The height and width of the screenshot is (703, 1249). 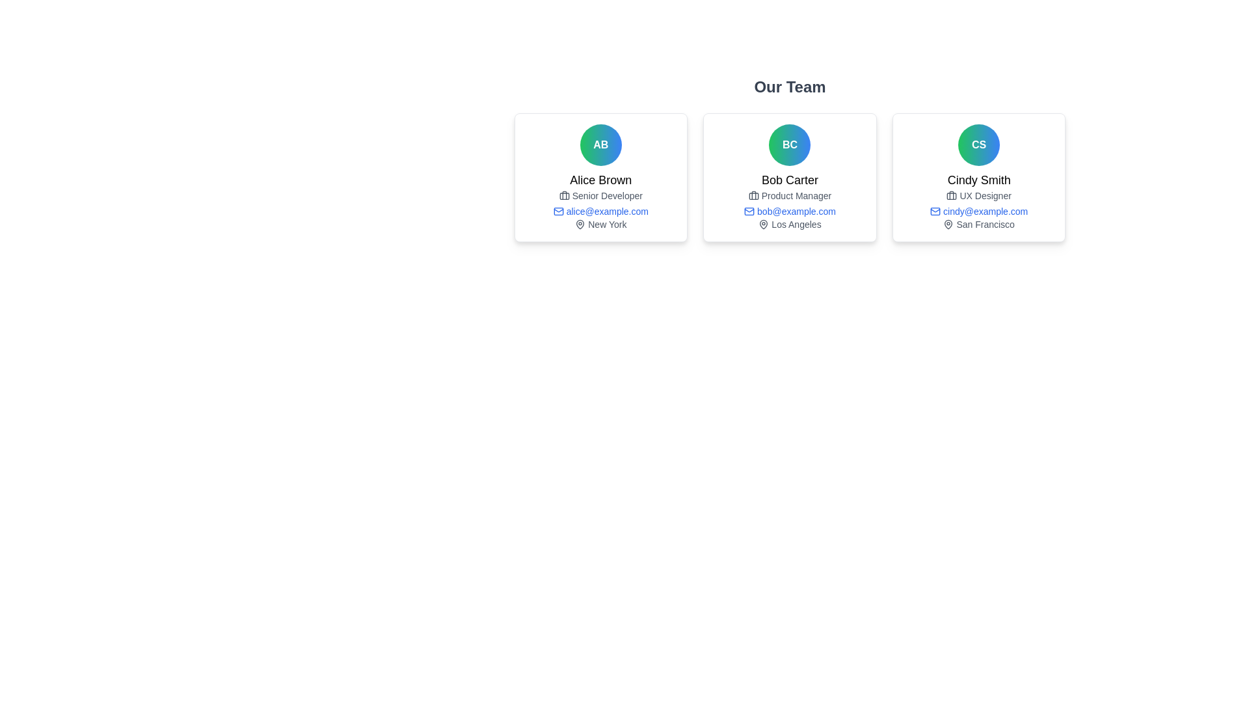 What do you see at coordinates (789, 210) in the screenshot?
I see `the email link 'bob@example.com' displayed in blue text with a mail icon, located below the 'Product Manager' section within the Bob Carter card` at bounding box center [789, 210].